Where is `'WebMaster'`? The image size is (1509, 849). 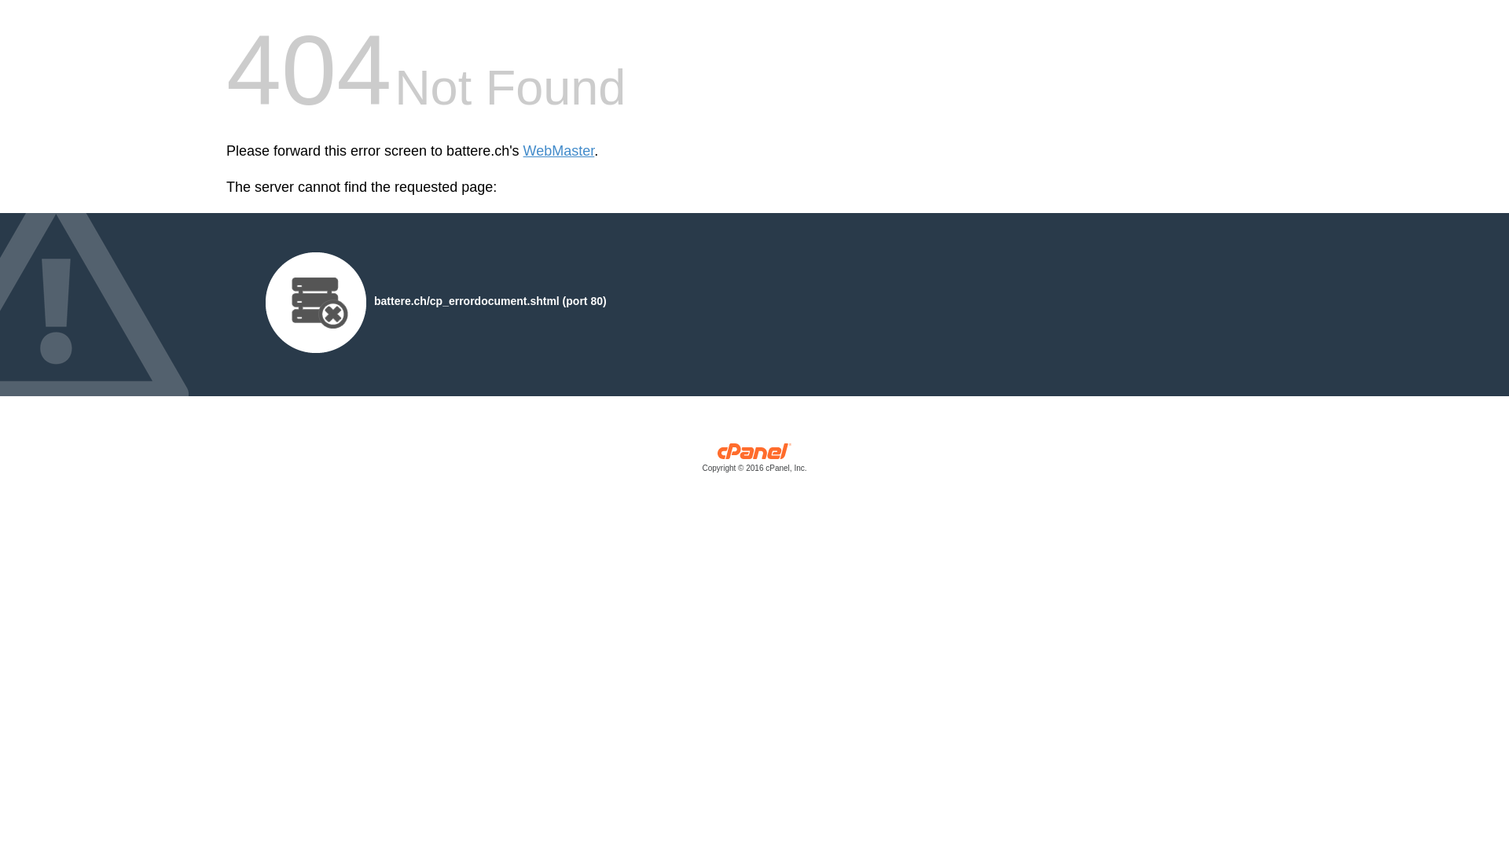 'WebMaster' is located at coordinates (559, 151).